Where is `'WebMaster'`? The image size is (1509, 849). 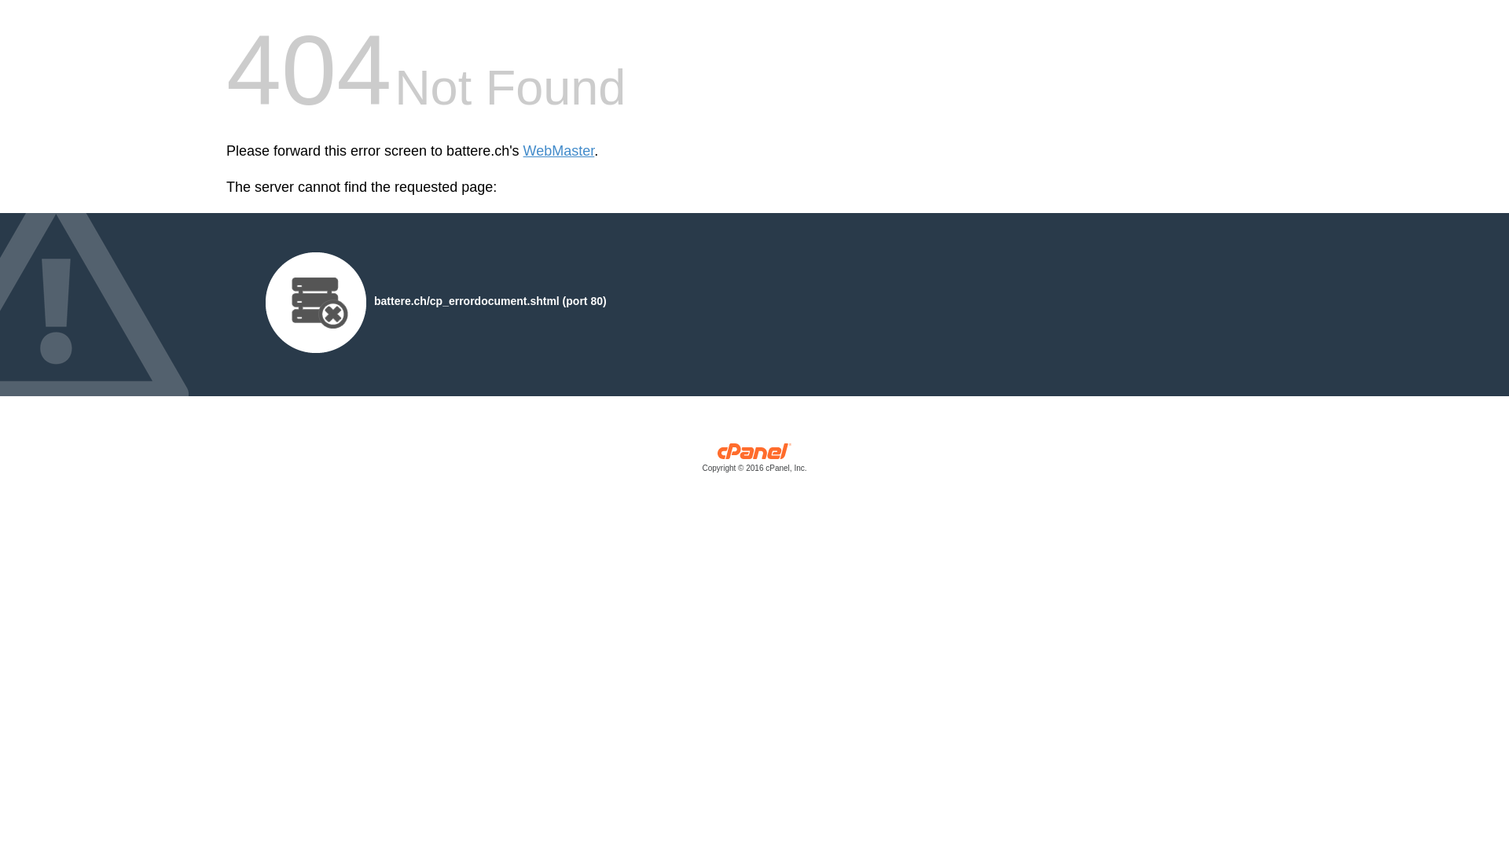 'WebMaster' is located at coordinates (559, 151).